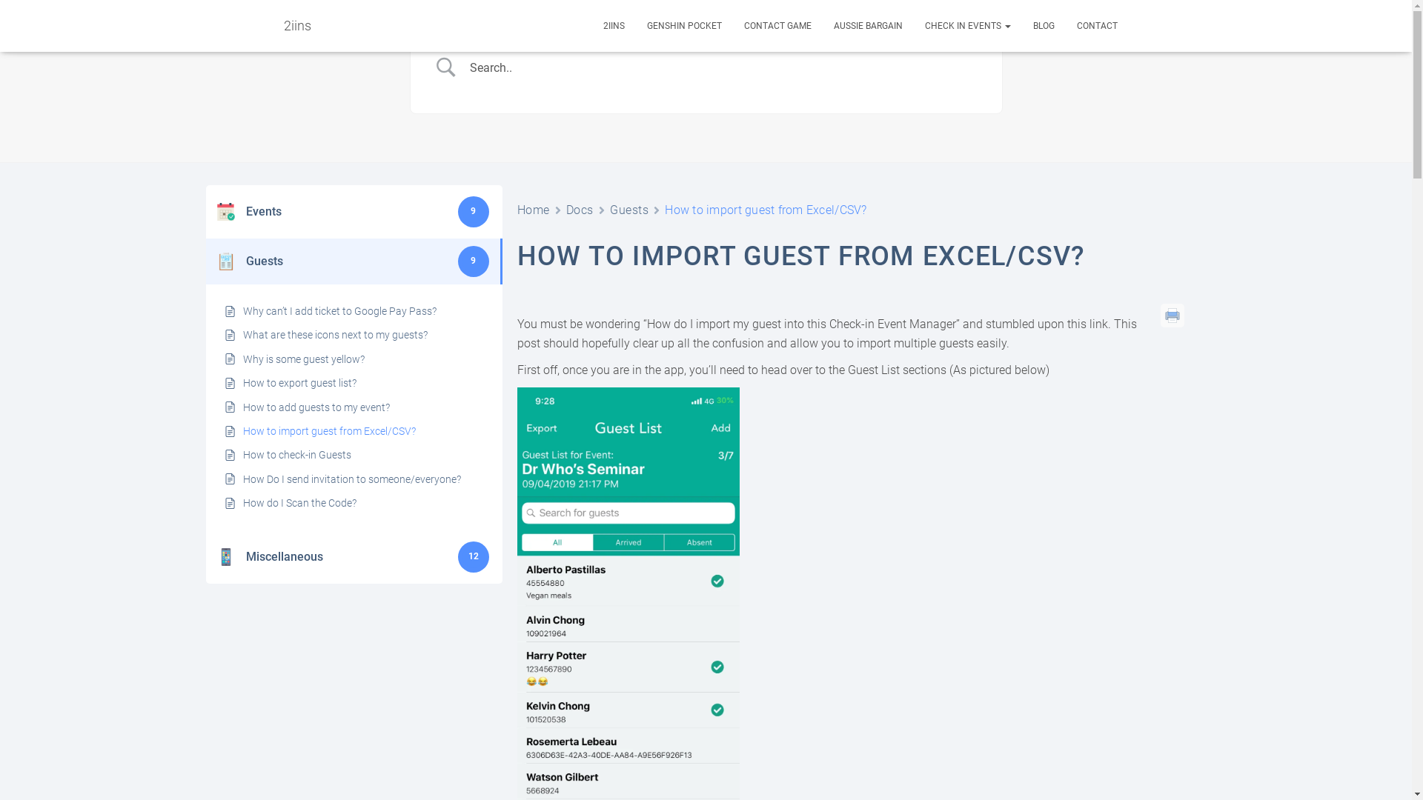 This screenshot has height=800, width=1423. What do you see at coordinates (1097, 25) in the screenshot?
I see `'CONTACT'` at bounding box center [1097, 25].